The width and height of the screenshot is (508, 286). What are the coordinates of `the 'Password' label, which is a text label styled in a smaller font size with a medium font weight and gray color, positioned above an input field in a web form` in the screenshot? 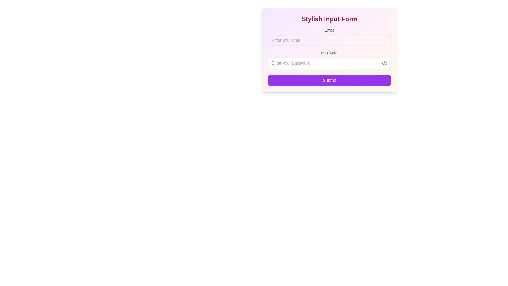 It's located at (329, 53).